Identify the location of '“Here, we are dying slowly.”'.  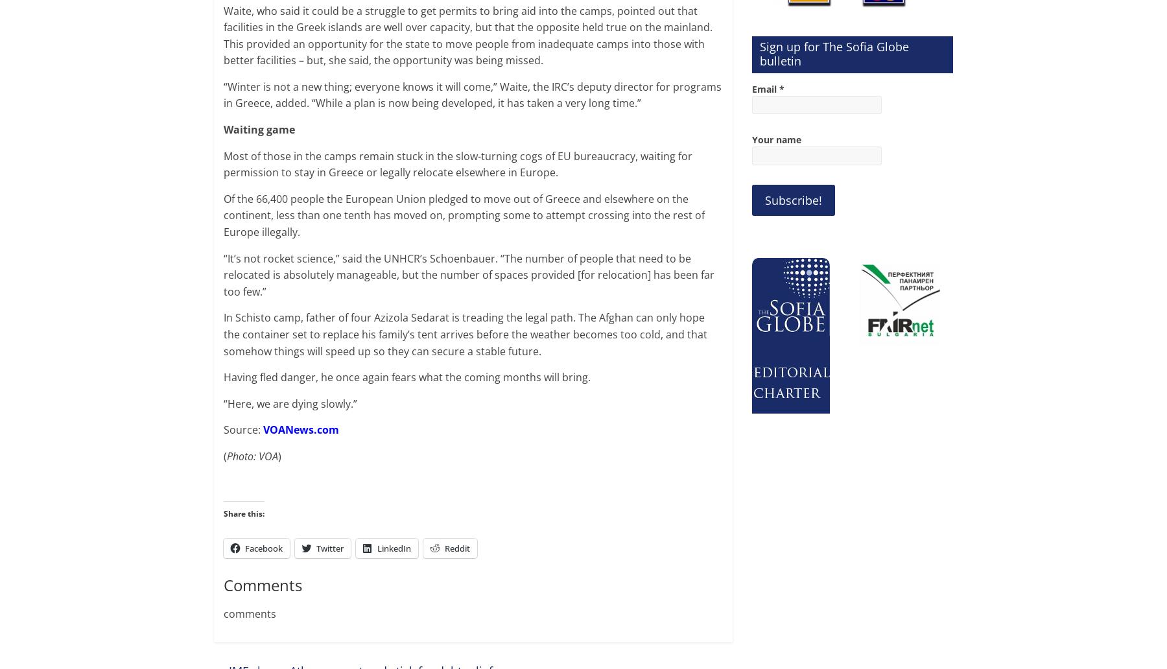
(224, 403).